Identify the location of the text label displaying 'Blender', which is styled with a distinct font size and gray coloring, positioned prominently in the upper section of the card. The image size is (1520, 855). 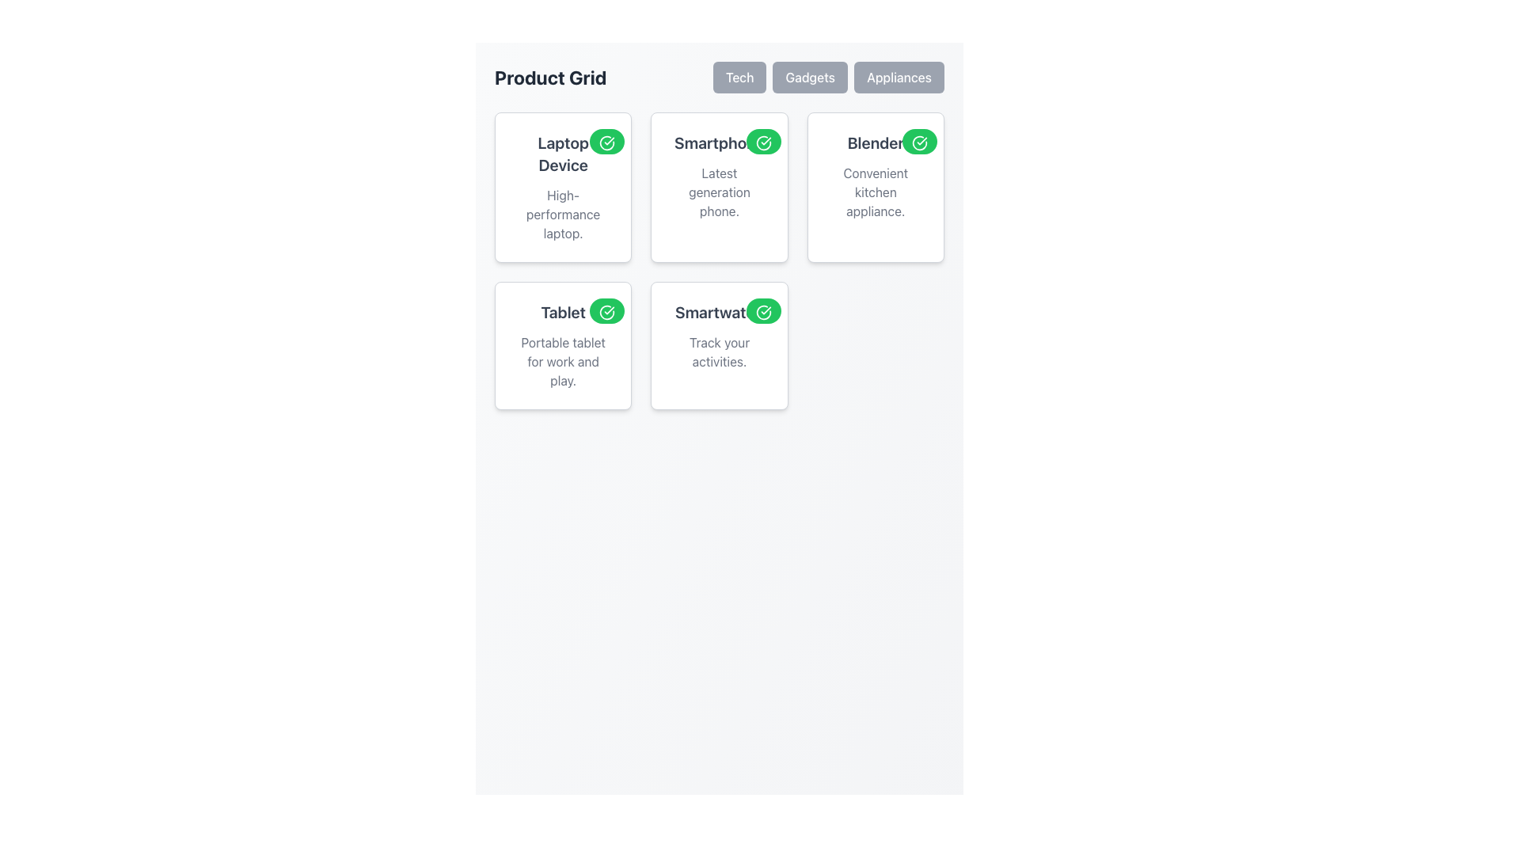
(875, 143).